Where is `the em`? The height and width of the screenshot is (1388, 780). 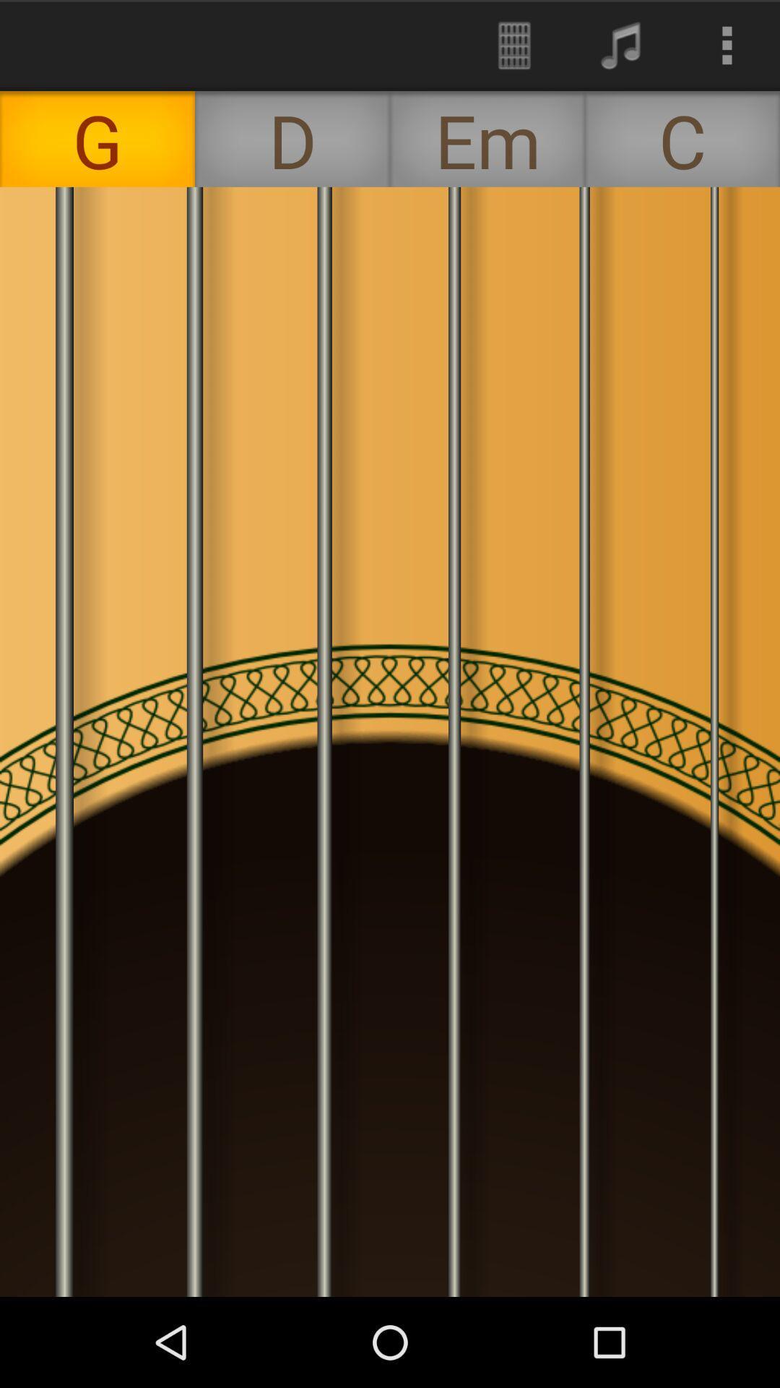
the em is located at coordinates (487, 139).